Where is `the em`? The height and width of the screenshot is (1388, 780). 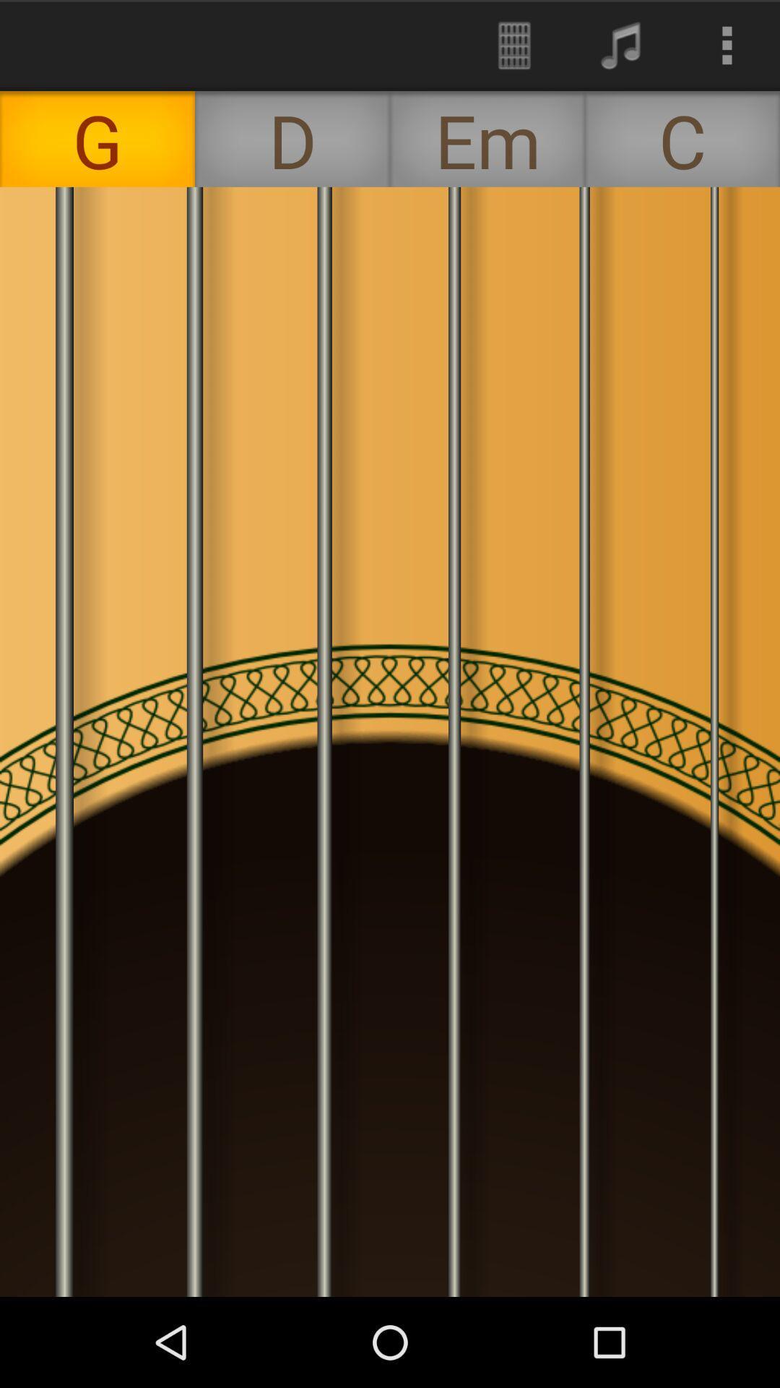
the em is located at coordinates (487, 139).